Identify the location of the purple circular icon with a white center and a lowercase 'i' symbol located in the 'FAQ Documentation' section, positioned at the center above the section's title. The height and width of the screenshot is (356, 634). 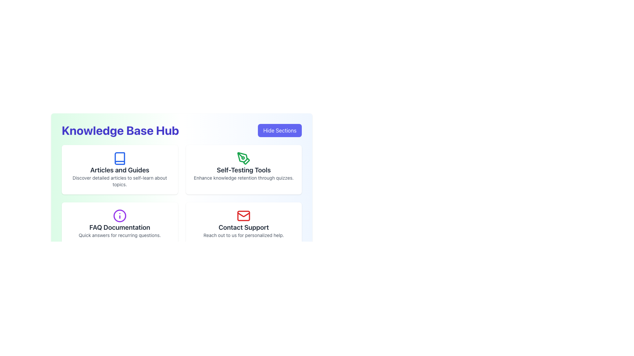
(120, 216).